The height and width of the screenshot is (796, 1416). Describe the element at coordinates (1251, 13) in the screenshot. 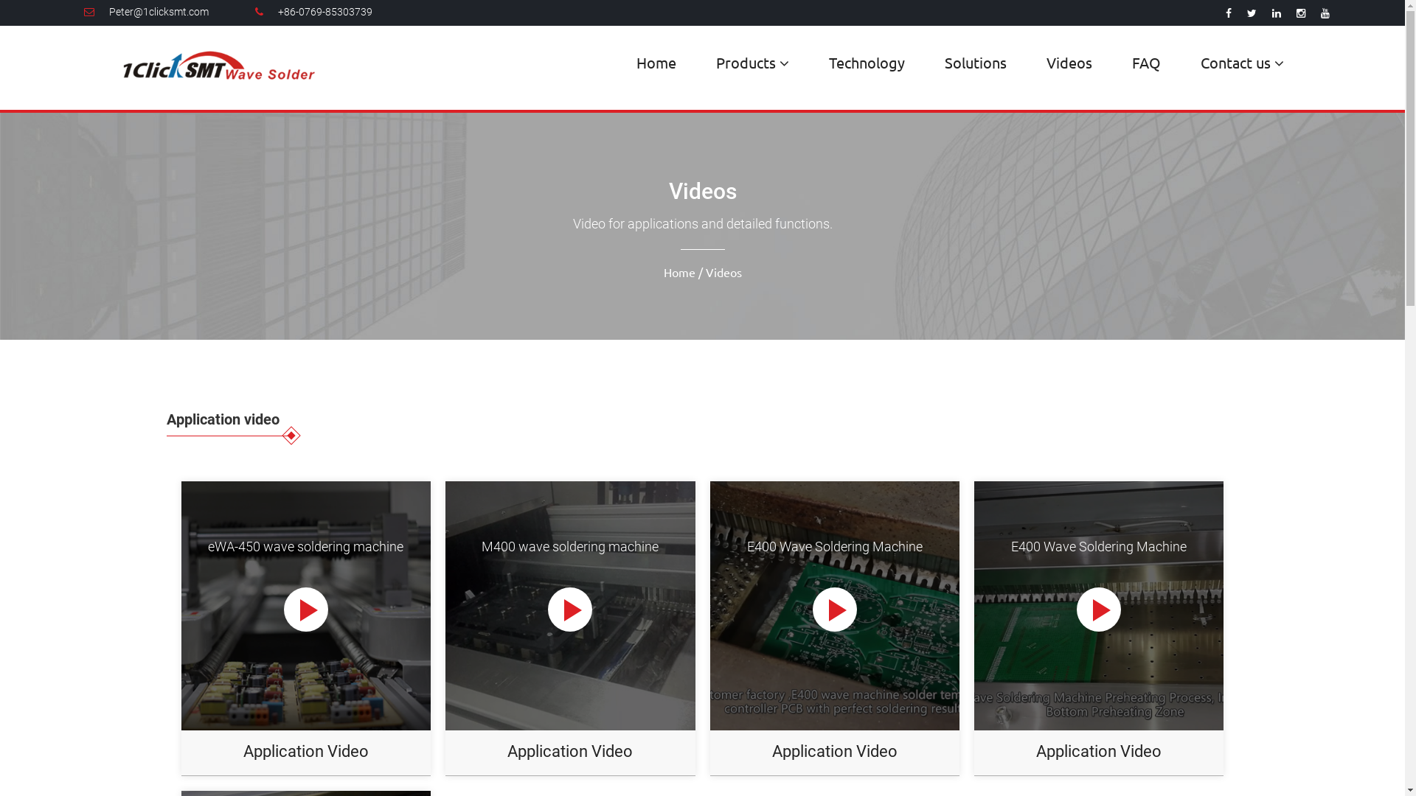

I see `'Twitter'` at that location.